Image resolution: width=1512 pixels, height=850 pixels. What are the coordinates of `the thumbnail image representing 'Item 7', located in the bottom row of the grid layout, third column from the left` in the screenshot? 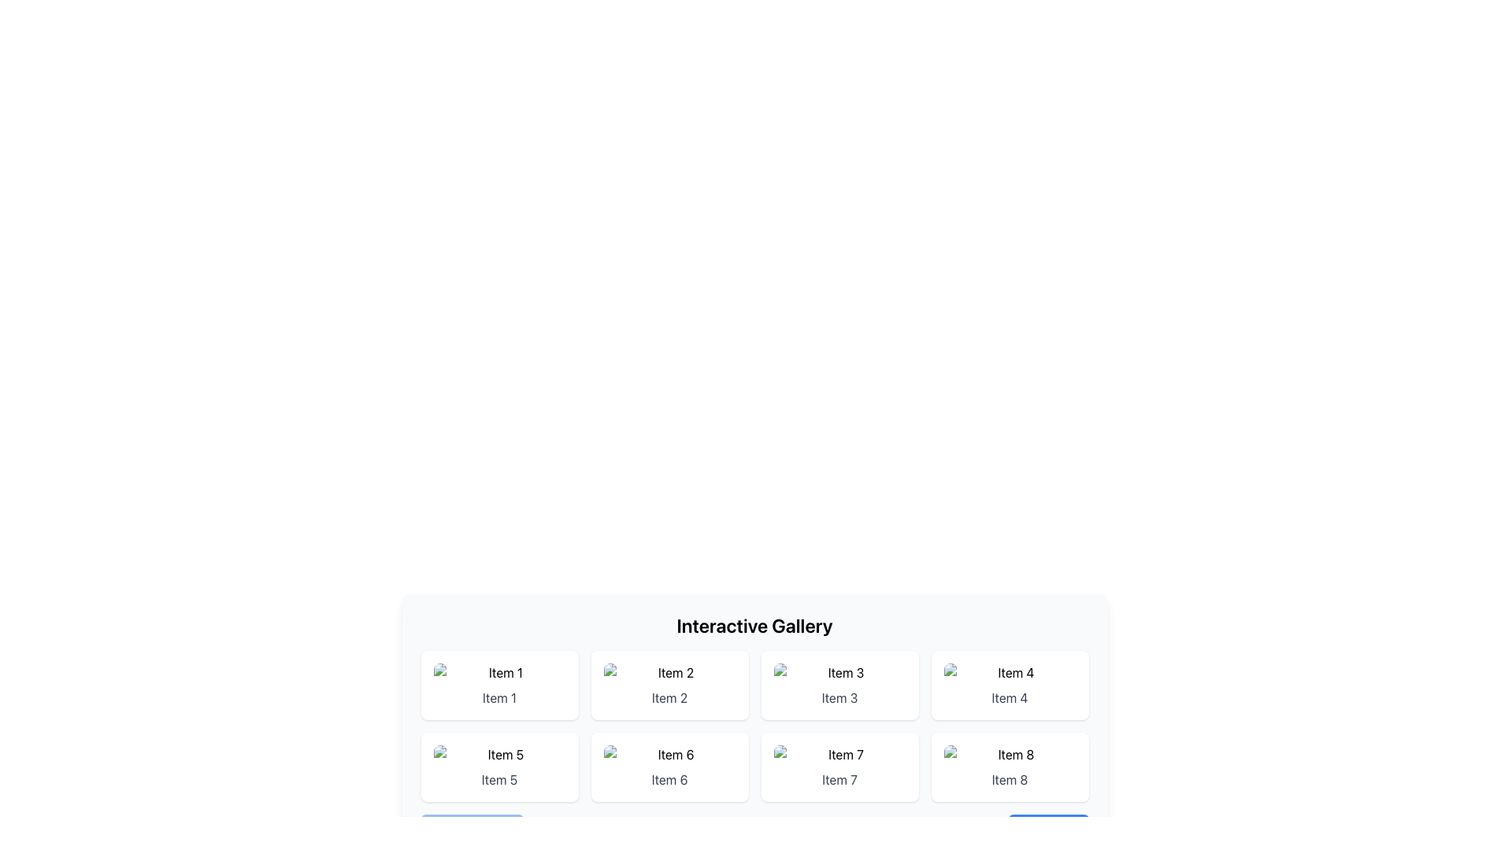 It's located at (839, 754).